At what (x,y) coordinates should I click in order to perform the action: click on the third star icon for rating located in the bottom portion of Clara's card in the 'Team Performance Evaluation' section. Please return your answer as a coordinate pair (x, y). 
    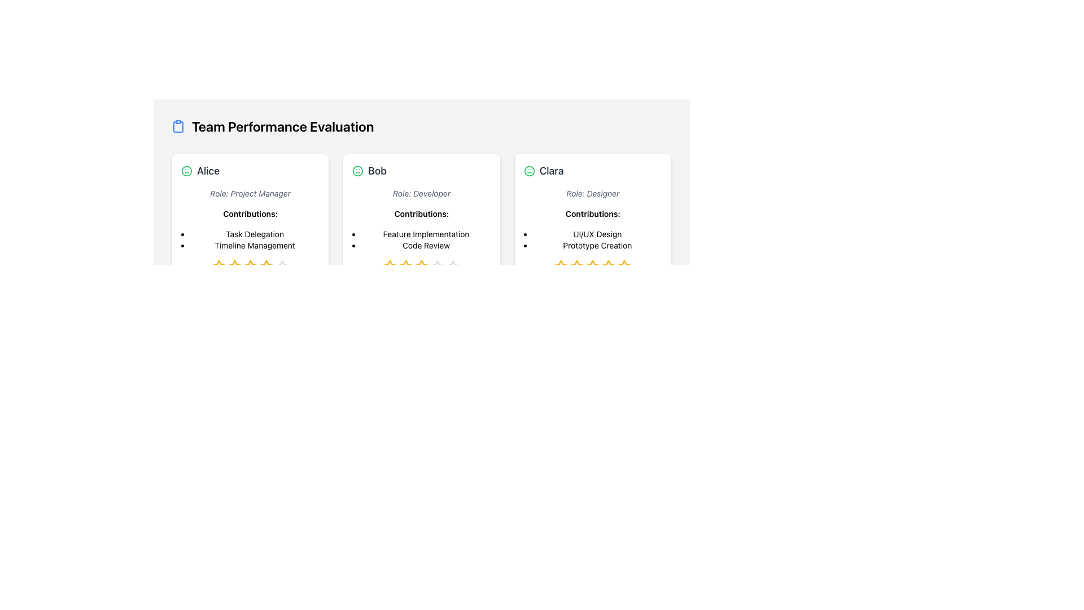
    Looking at the image, I should click on (592, 266).